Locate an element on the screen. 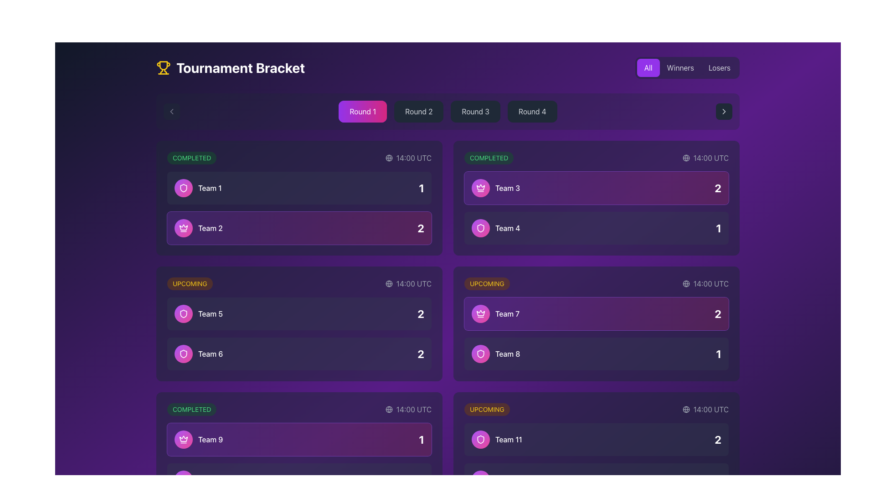 The width and height of the screenshot is (875, 492). the graphical component, a circle within the SVG globe icon, located at the top-left corner of the card containing '14:00 UTC' information is located at coordinates (389, 158).